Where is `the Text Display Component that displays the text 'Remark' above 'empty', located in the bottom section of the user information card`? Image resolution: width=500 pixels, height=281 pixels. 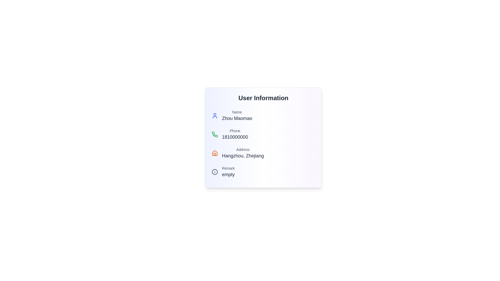 the Text Display Component that displays the text 'Remark' above 'empty', located in the bottom section of the user information card is located at coordinates (228, 172).